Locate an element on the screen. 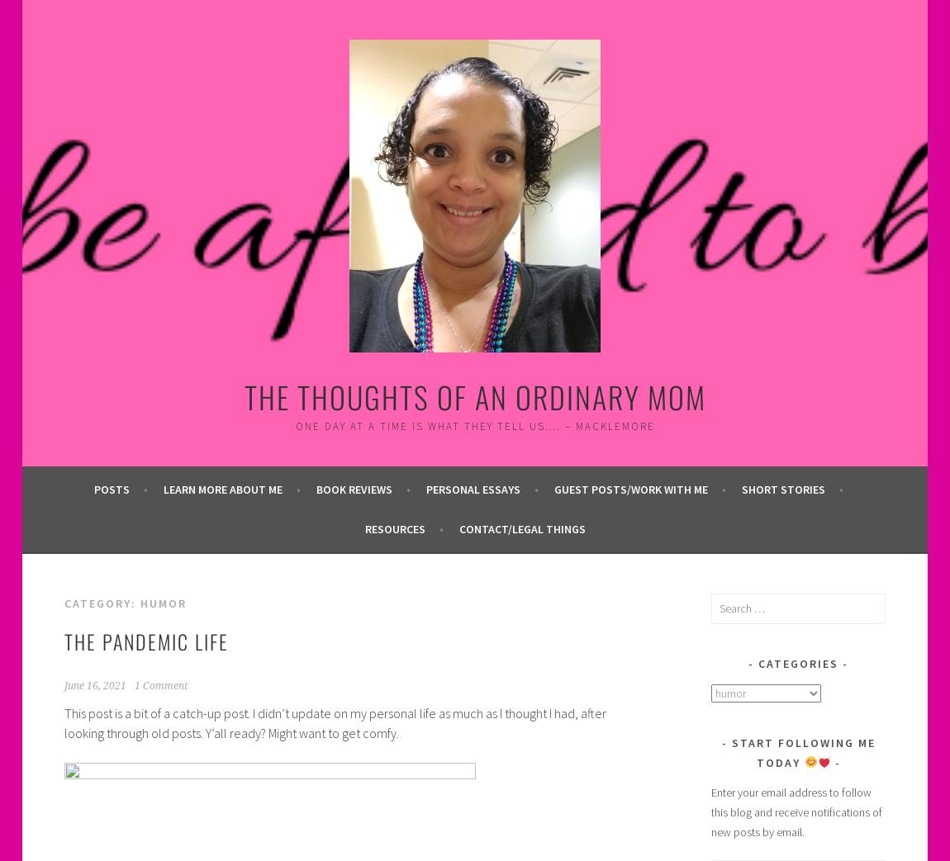 This screenshot has width=950, height=861. 'humor' is located at coordinates (161, 602).